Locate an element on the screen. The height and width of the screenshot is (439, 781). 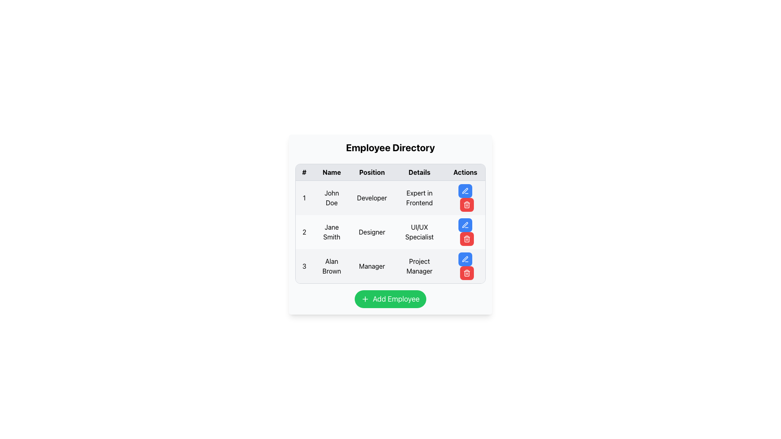
the button used to add a new employee entry in the 'Employee Directory' card layout for visual feedback is located at coordinates (390, 299).